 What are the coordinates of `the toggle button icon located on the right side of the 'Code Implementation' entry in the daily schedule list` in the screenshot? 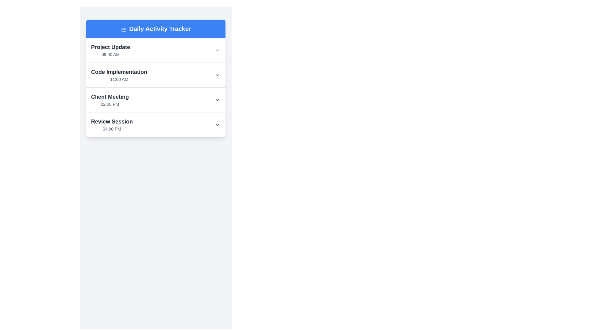 It's located at (218, 75).